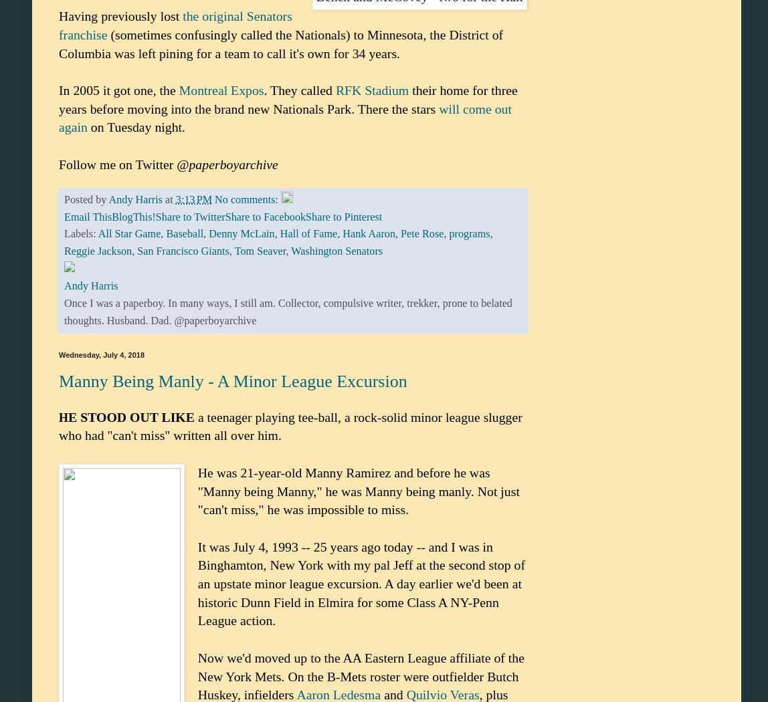 The image size is (768, 702). Describe the element at coordinates (133, 217) in the screenshot. I see `'BlogThis!'` at that location.